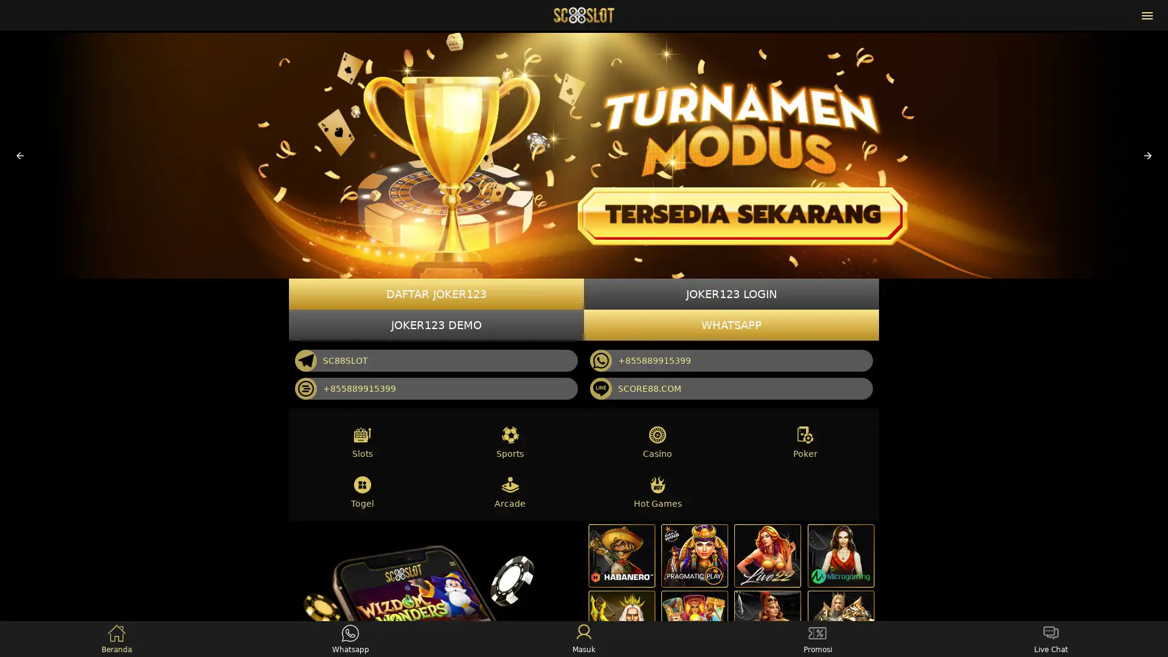 This screenshot has width=1168, height=657. What do you see at coordinates (1147, 155) in the screenshot?
I see `Next item in carousel (3 of 3)` at bounding box center [1147, 155].